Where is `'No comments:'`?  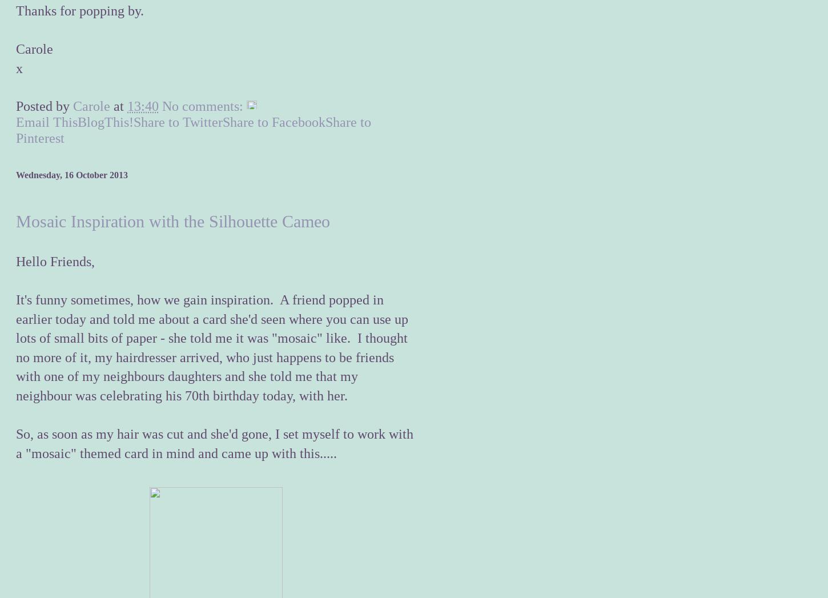
'No comments:' is located at coordinates (204, 106).